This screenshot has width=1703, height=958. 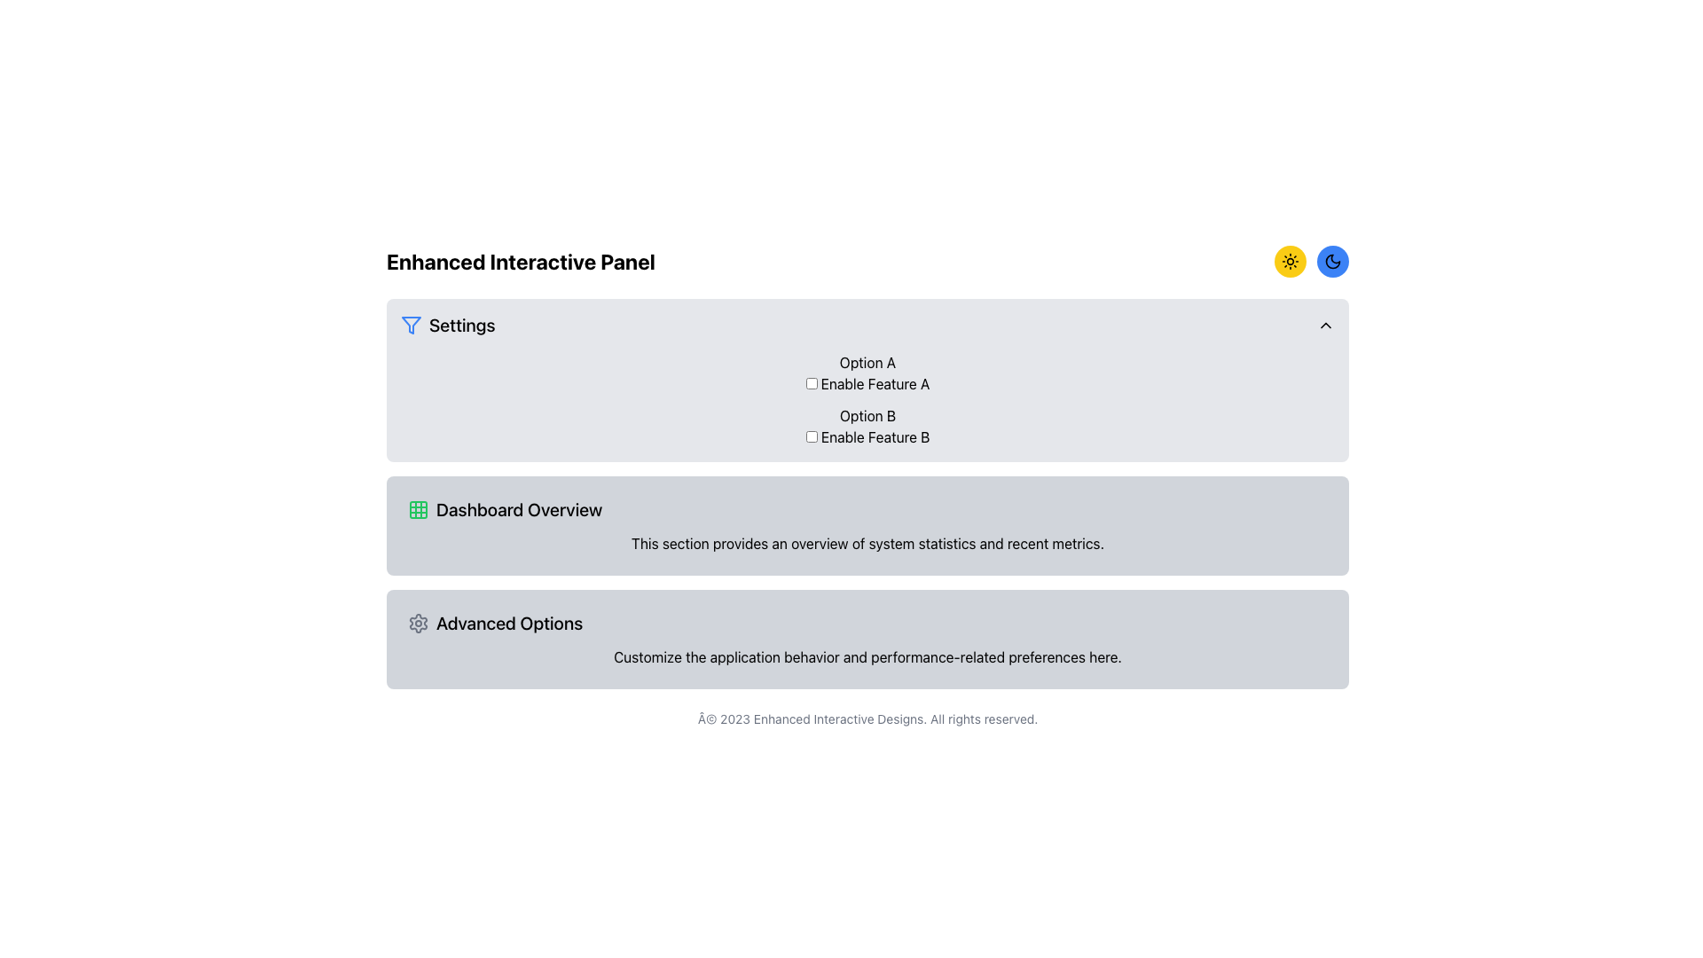 I want to click on the green-bordered square icon filled with a grid-like pattern, located to the far left of the 'Dashboard Overview' header panel, so click(x=417, y=509).